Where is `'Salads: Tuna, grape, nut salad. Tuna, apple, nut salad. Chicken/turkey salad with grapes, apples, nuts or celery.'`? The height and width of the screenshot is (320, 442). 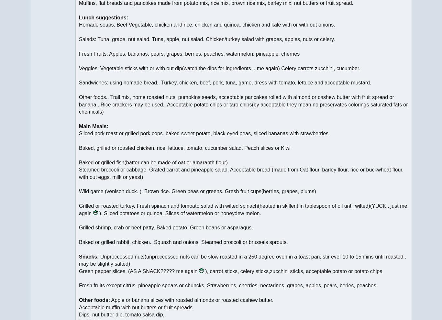
'Salads: Tuna, grape, nut salad. Tuna, apple, nut salad. Chicken/turkey salad with grapes, apples, nuts or celery.' is located at coordinates (206, 39).